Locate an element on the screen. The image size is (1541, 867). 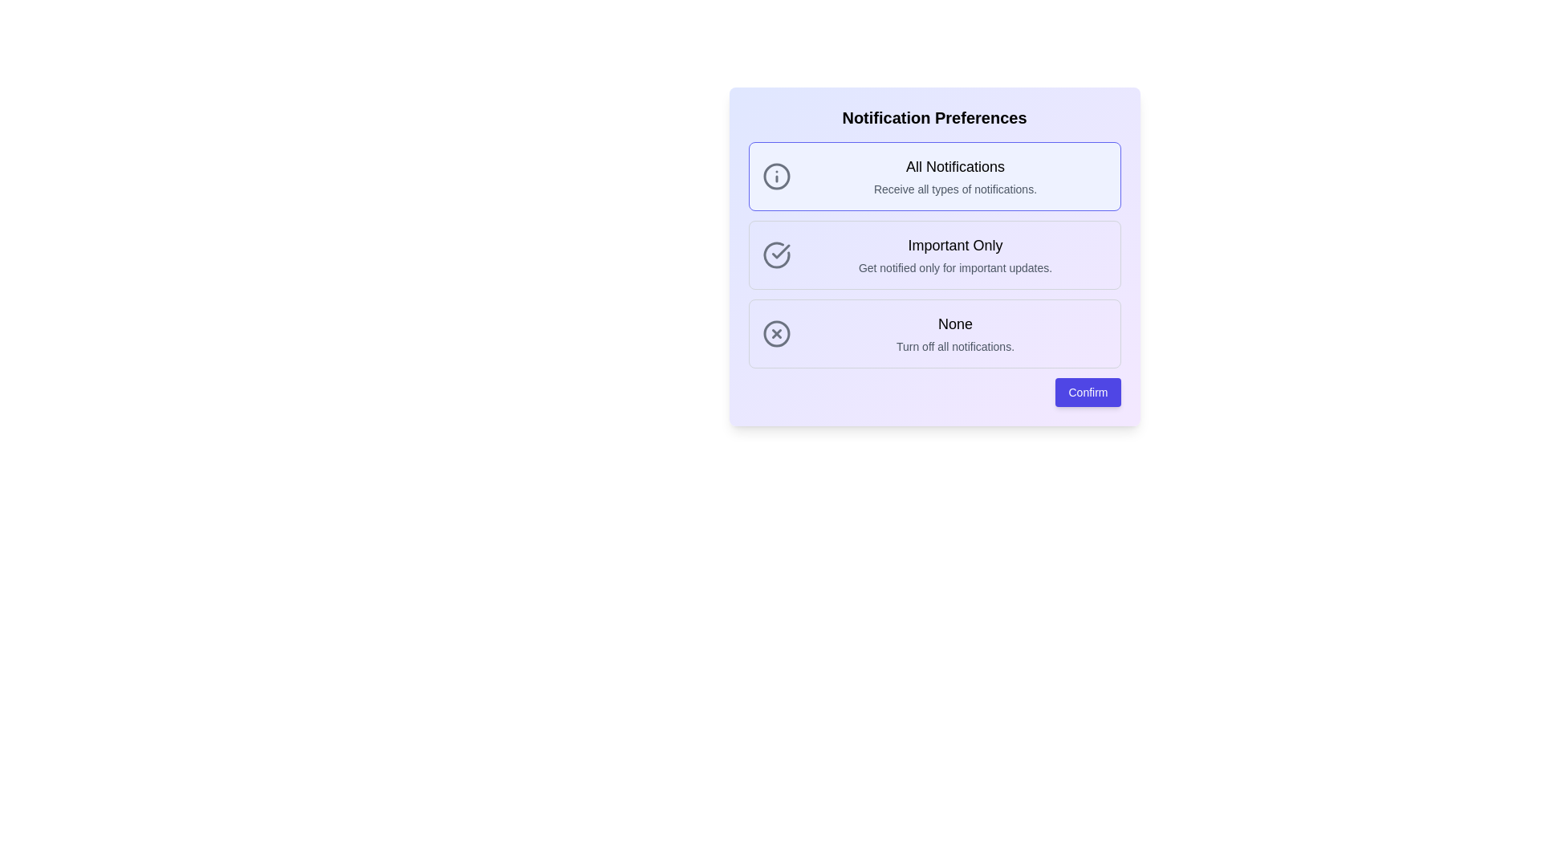
the 'Important Only' radio button option in the 'Notification Preferences' dialog is located at coordinates (934, 254).